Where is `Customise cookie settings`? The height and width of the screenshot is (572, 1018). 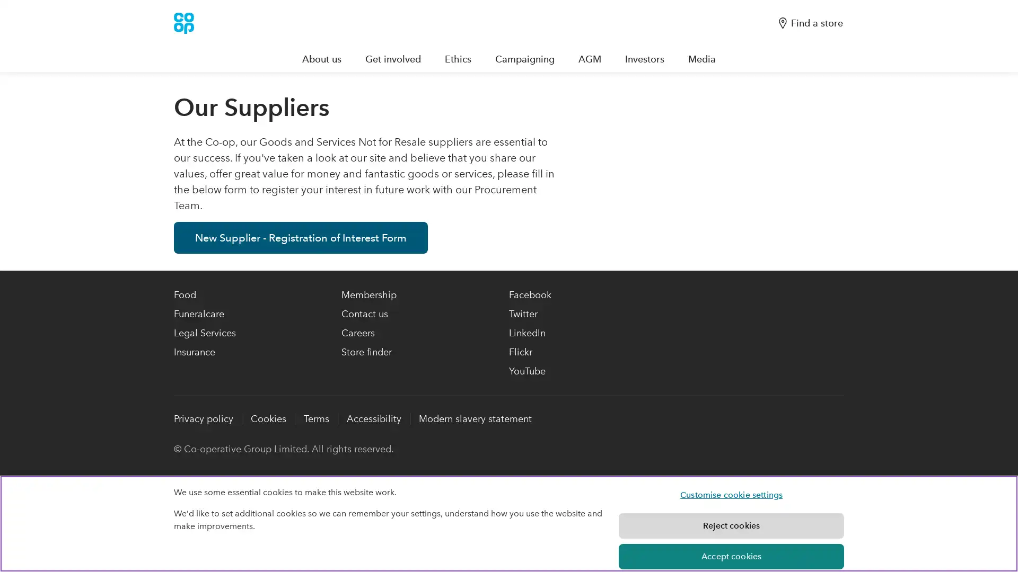 Customise cookie settings is located at coordinates (730, 495).